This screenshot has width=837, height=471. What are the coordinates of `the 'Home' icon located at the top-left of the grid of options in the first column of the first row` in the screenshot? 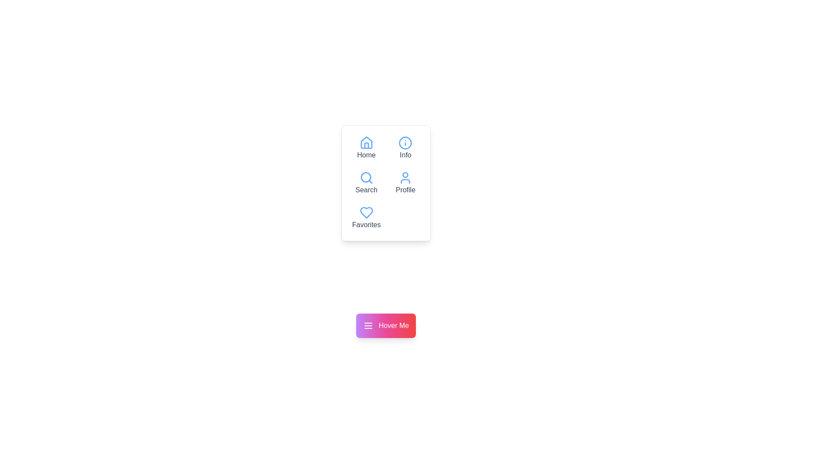 It's located at (366, 147).